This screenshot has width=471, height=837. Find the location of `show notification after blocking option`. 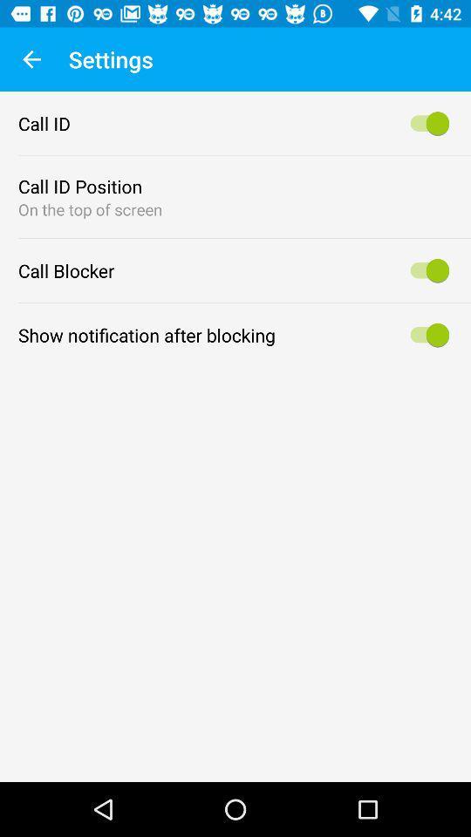

show notification after blocking option is located at coordinates (426, 334).